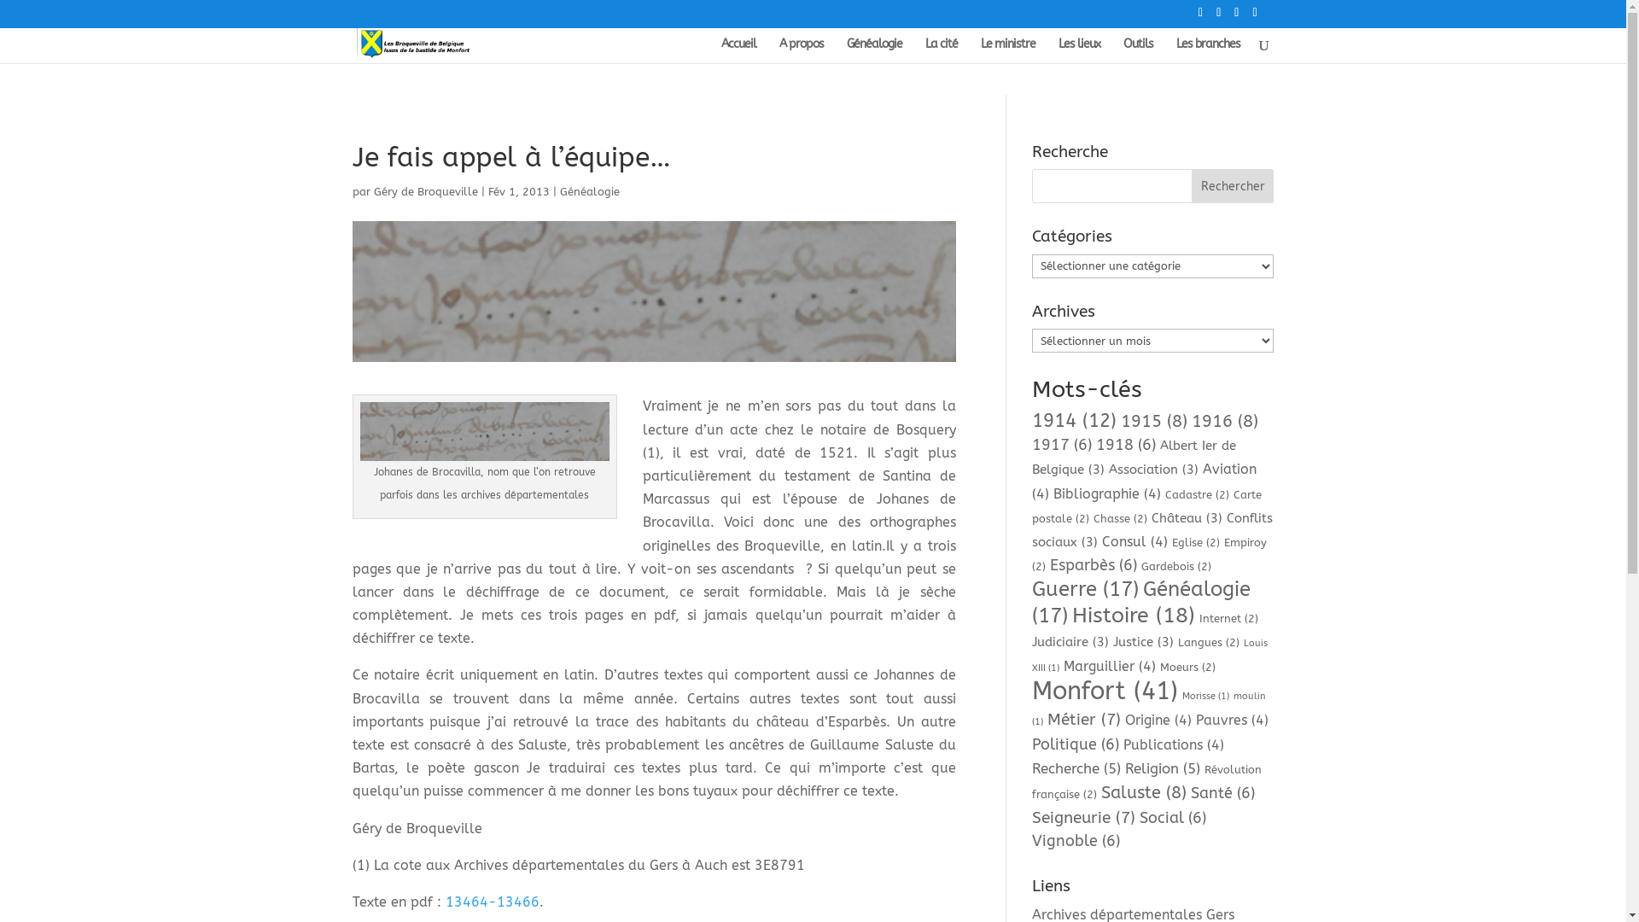  What do you see at coordinates (1150, 654) in the screenshot?
I see `'Louis XIII (1)'` at bounding box center [1150, 654].